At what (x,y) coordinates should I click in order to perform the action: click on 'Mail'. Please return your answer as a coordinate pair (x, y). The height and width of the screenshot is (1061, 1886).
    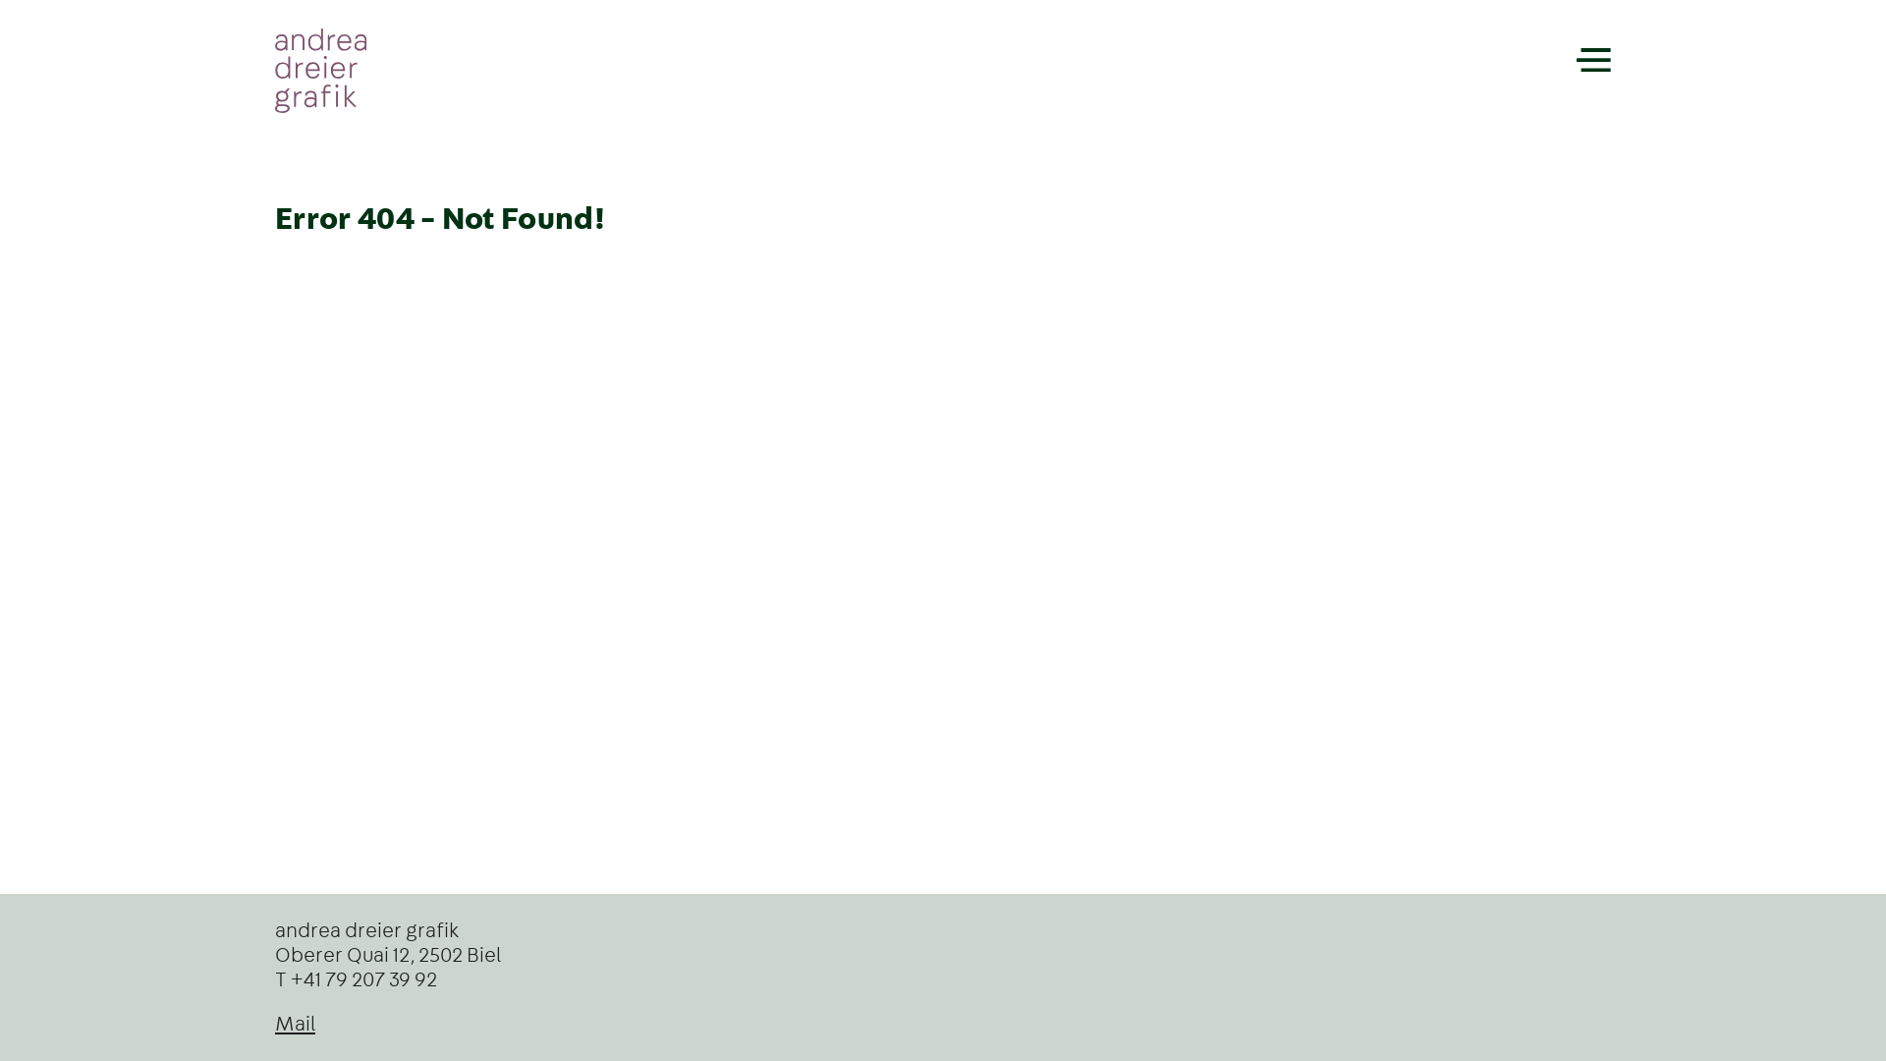
    Looking at the image, I should click on (273, 1023).